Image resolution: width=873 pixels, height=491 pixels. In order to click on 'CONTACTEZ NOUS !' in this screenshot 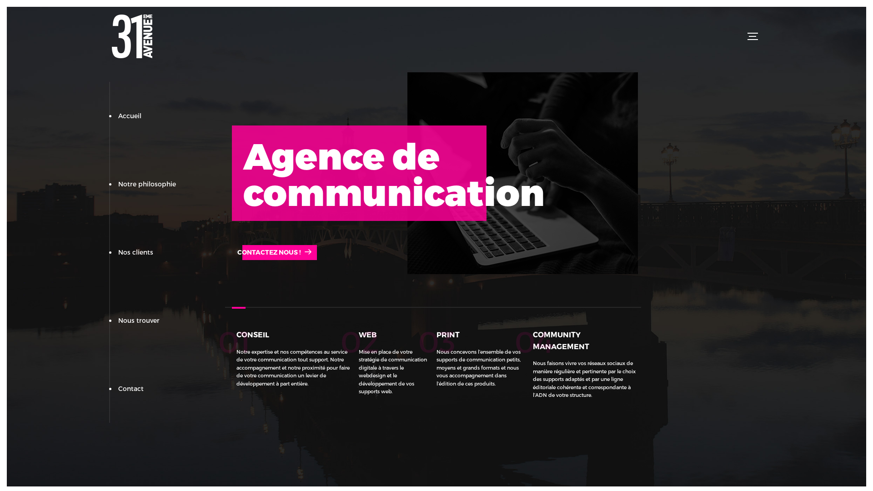, I will do `click(274, 252)`.